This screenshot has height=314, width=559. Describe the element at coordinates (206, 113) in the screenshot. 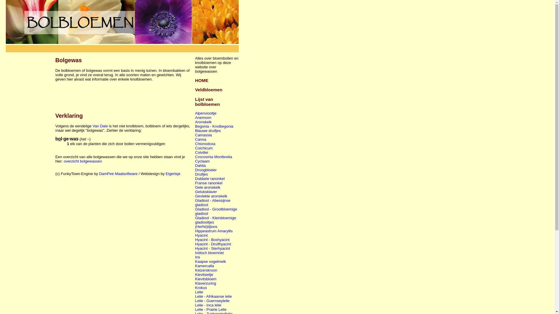

I see `'Alpenviooltje'` at that location.